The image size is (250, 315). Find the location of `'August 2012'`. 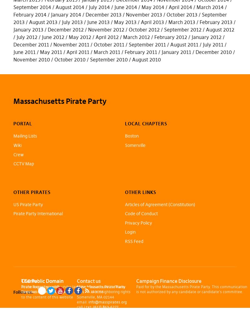

'August 2012' is located at coordinates (219, 29).